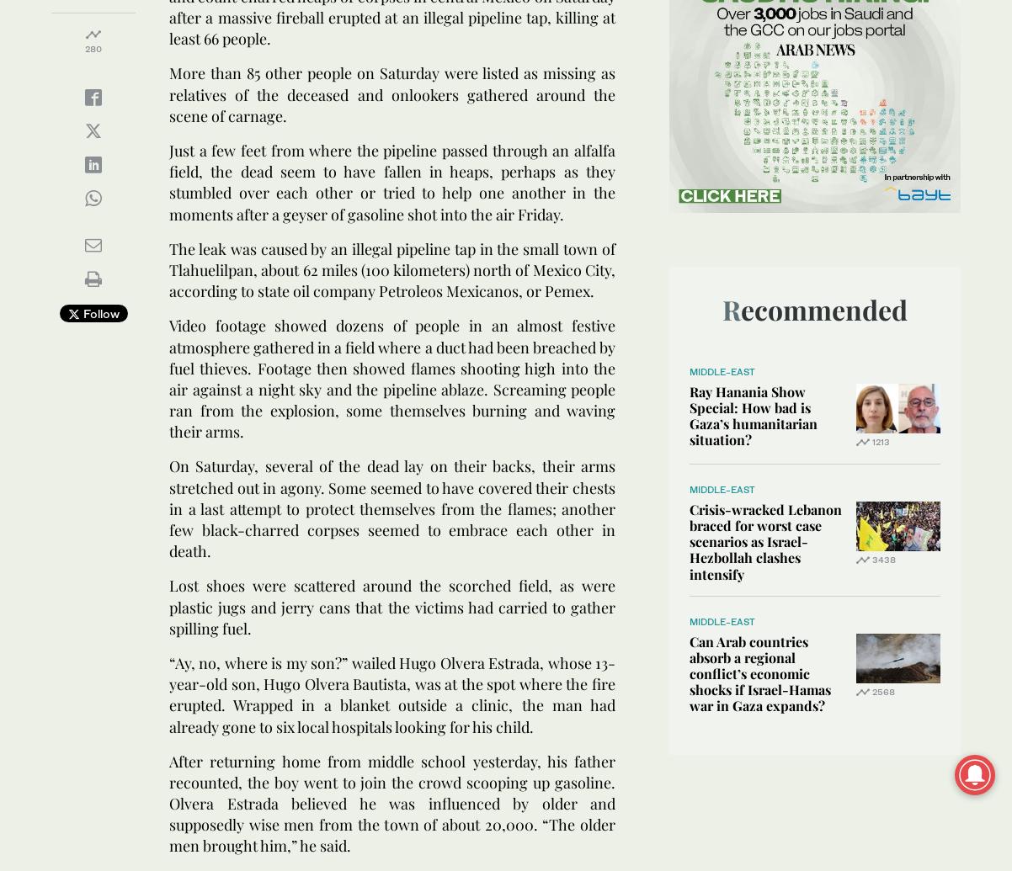  What do you see at coordinates (391, 605) in the screenshot?
I see `'Lost shoes were scattered around the scorched field, as were plastic jugs and jerry cans that the victims had carried to gather spilling fuel.'` at bounding box center [391, 605].